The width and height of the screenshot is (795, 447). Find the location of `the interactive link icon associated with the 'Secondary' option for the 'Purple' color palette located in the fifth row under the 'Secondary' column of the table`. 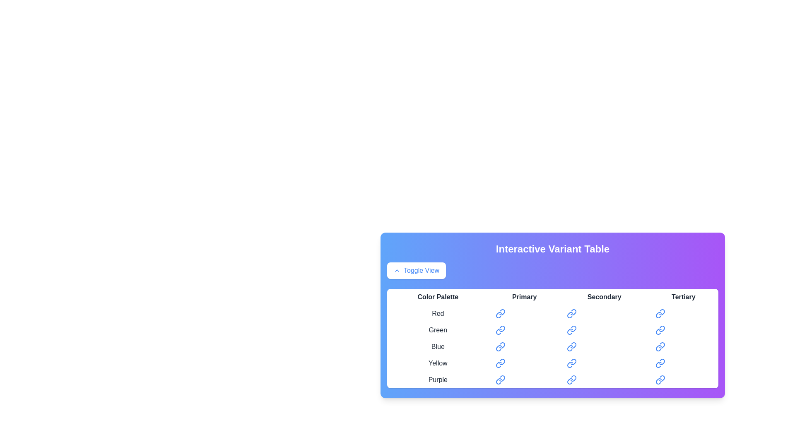

the interactive link icon associated with the 'Secondary' option for the 'Purple' color palette located in the fifth row under the 'Secondary' column of the table is located at coordinates (569, 381).